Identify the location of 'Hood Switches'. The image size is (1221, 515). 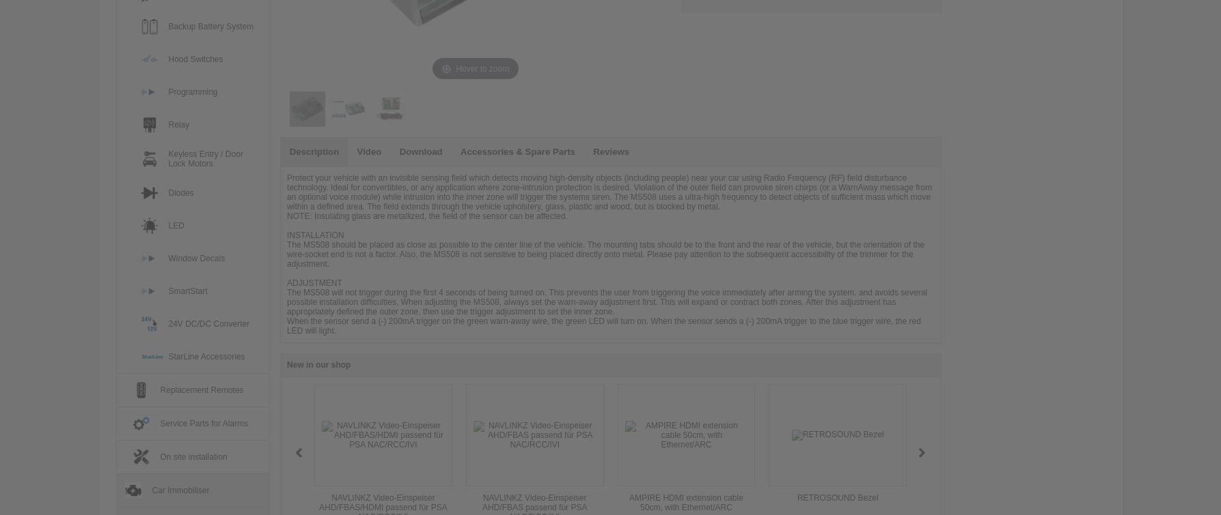
(194, 58).